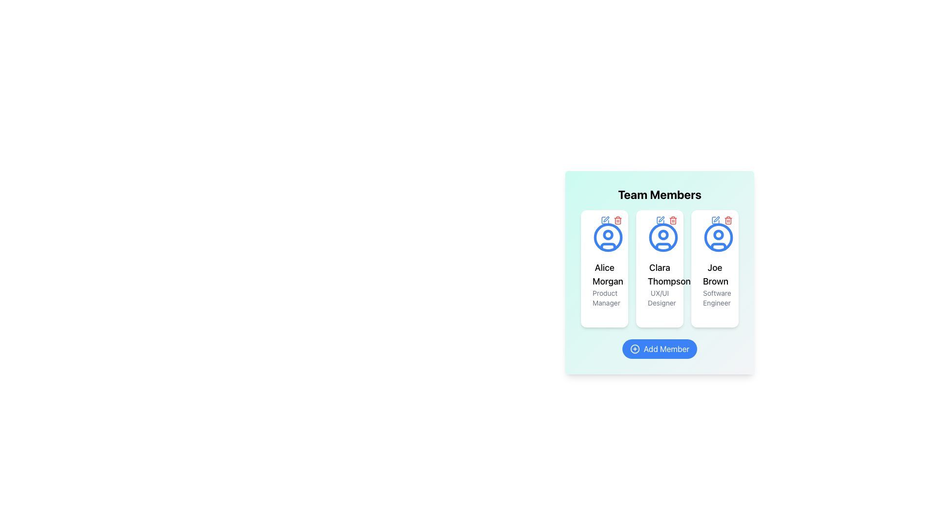 This screenshot has height=528, width=938. What do you see at coordinates (661, 220) in the screenshot?
I see `the 'Edit' button with an icon located in the top-right corner of the card for 'Clara Thompson UX/UI Designer' in the 'Team Members' panel` at bounding box center [661, 220].